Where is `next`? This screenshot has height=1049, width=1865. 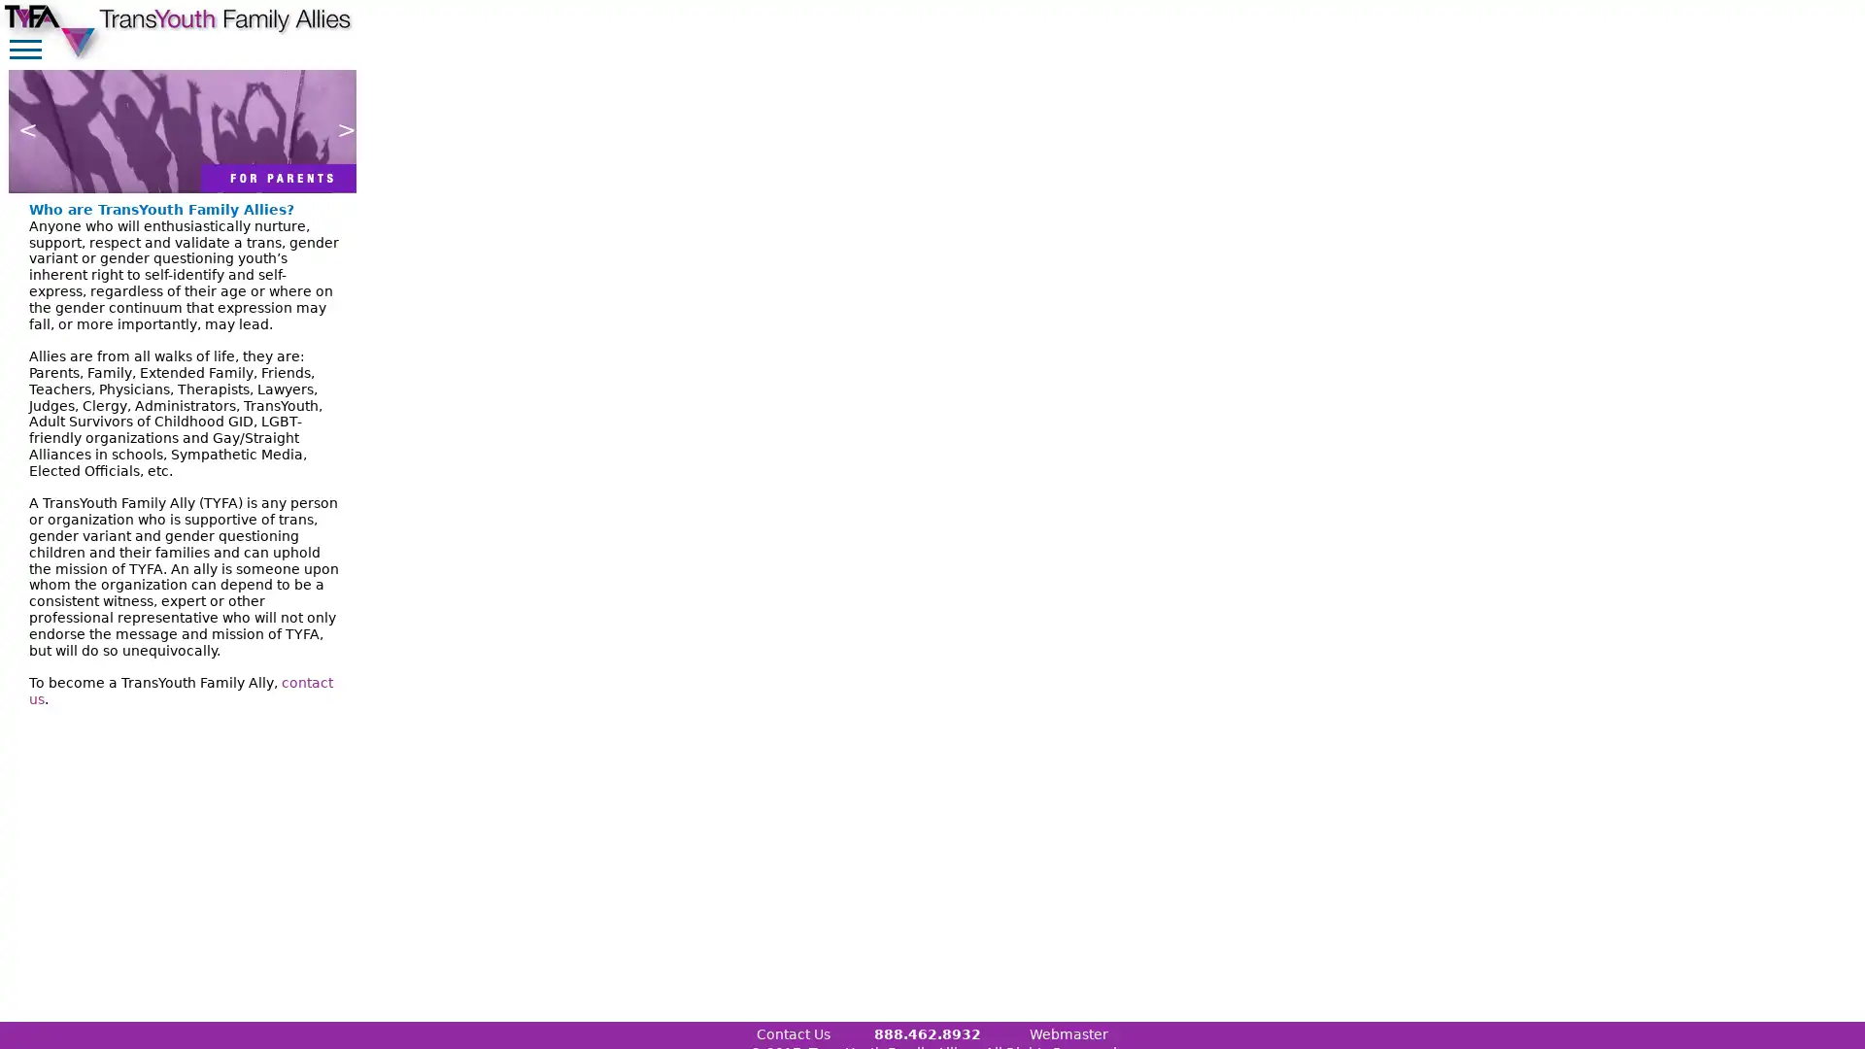
next is located at coordinates (341, 131).